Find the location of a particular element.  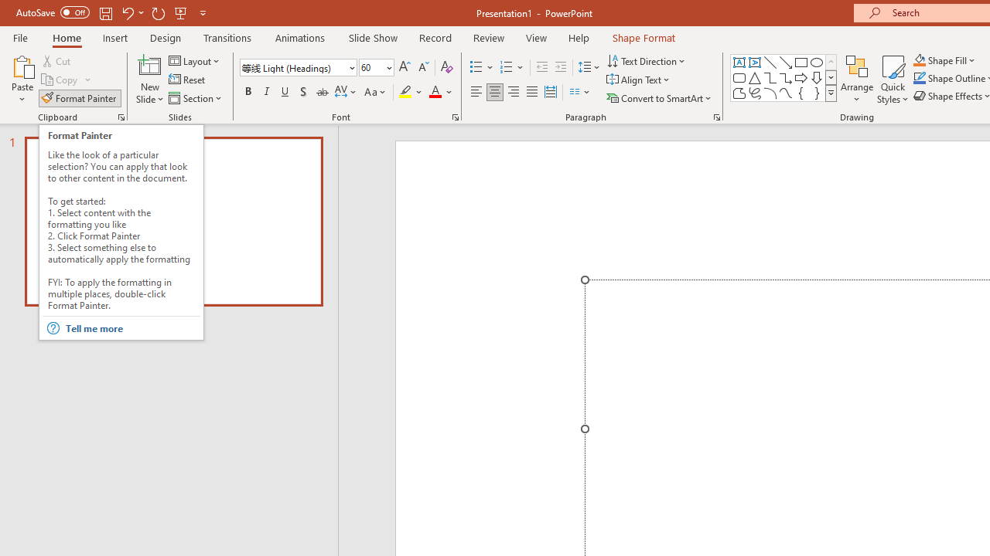

'Help' is located at coordinates (578, 37).